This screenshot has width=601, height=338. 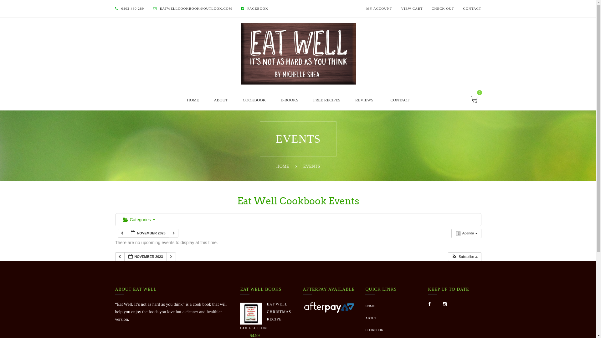 What do you see at coordinates (379, 8) in the screenshot?
I see `'MY ACCOUNT'` at bounding box center [379, 8].